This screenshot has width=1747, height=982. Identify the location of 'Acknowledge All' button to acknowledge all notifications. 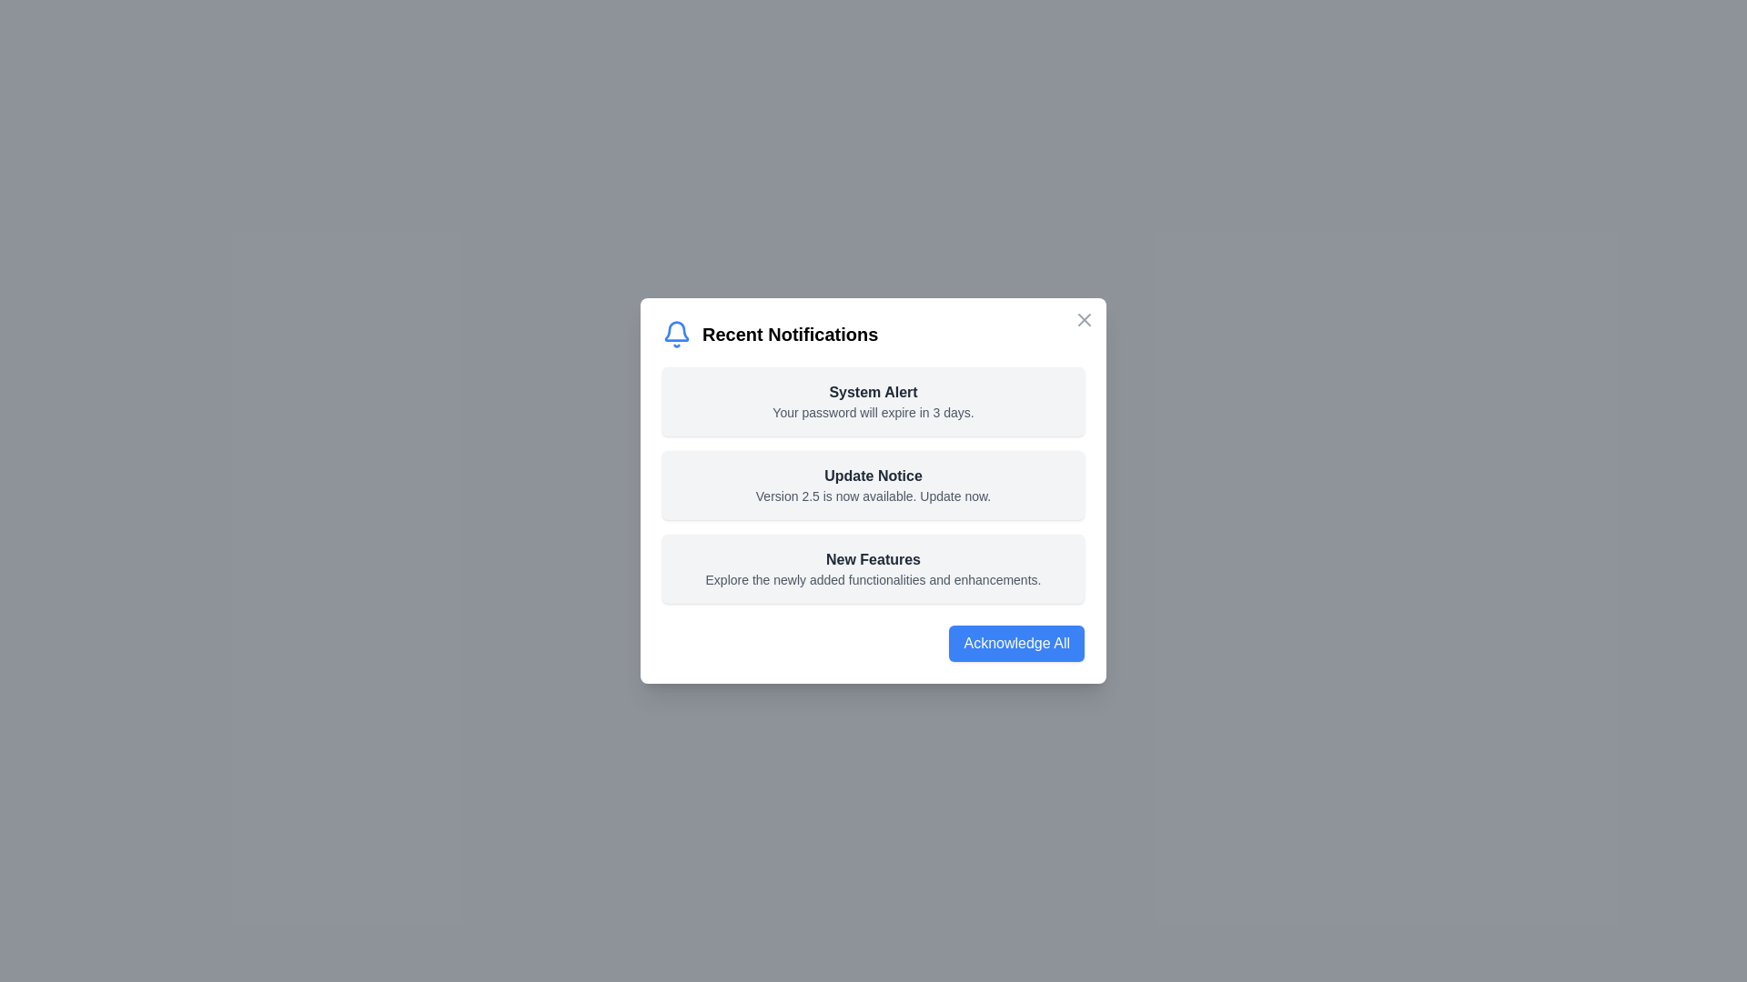
(1015, 643).